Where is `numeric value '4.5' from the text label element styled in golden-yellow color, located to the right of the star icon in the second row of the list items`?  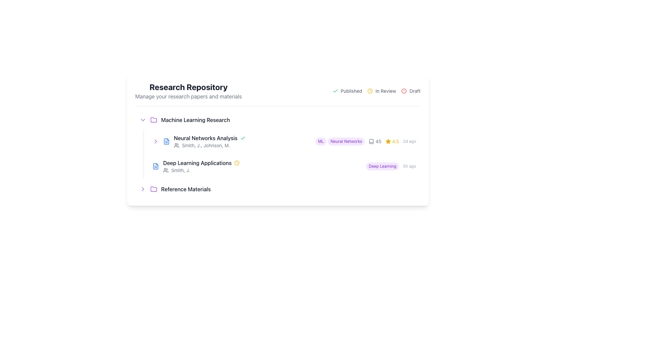
numeric value '4.5' from the text label element styled in golden-yellow color, located to the right of the star icon in the second row of the list items is located at coordinates (395, 141).